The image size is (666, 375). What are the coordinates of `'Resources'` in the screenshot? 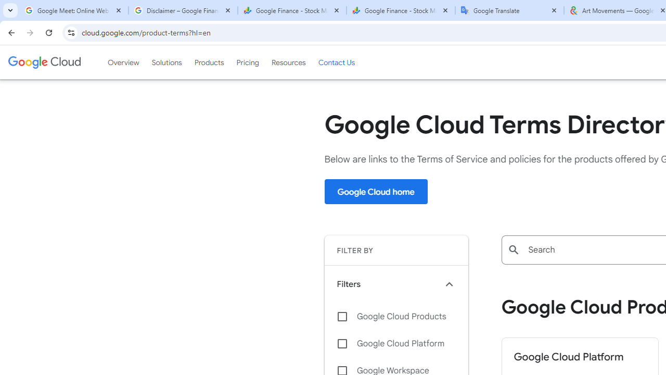 It's located at (288, 62).